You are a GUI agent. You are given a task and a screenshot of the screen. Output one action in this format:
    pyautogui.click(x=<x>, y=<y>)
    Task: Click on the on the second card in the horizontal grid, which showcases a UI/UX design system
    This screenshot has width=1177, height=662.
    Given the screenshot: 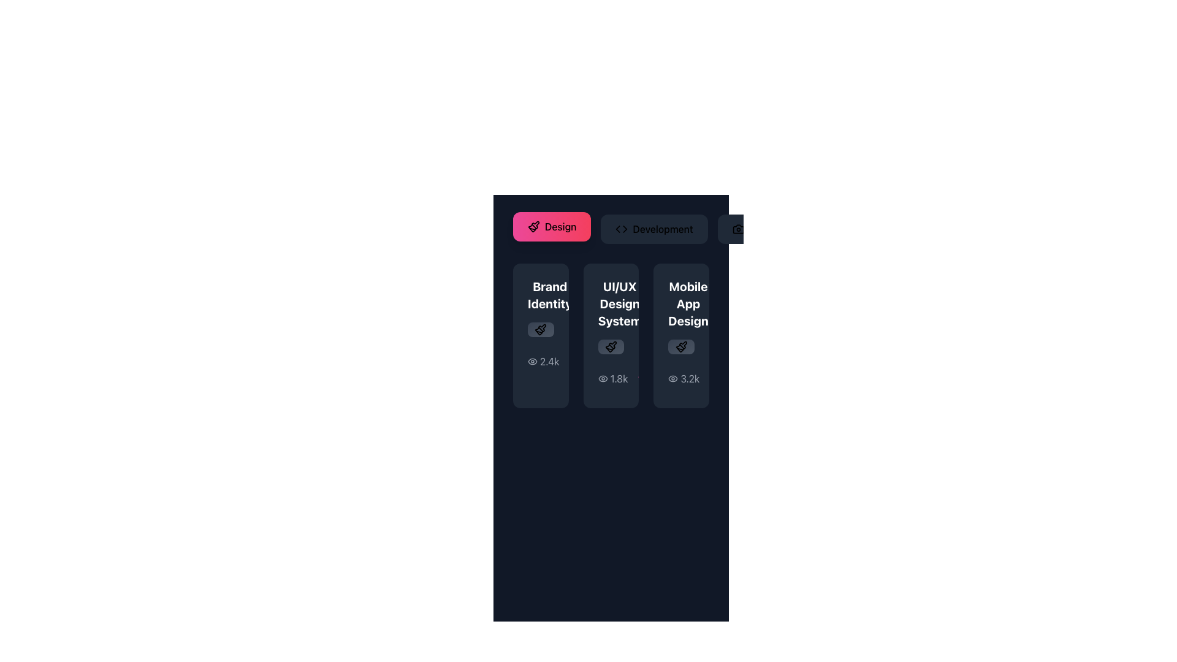 What is the action you would take?
    pyautogui.click(x=611, y=311)
    